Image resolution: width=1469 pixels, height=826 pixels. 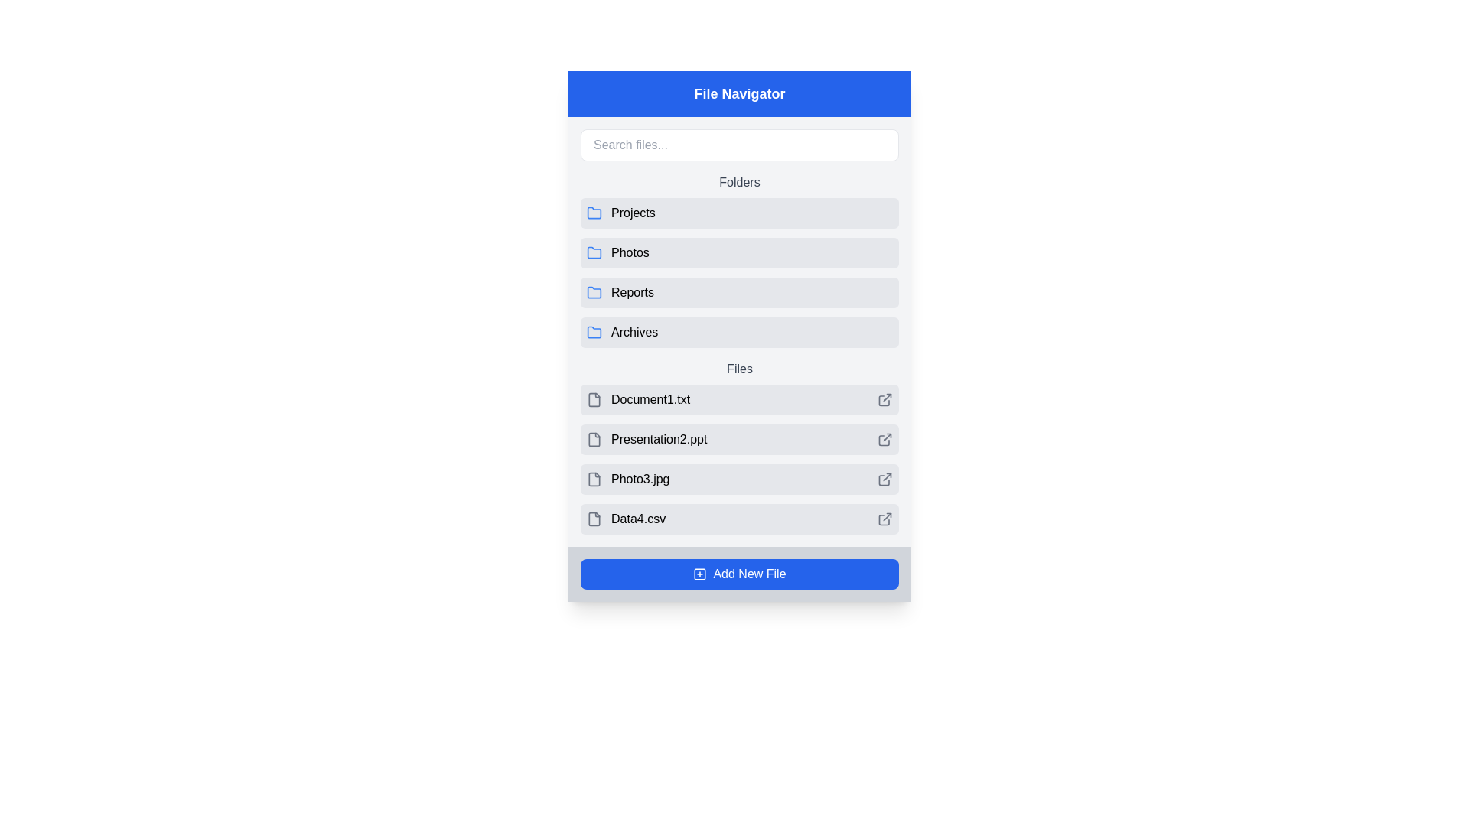 I want to click on the file icon depicting 'Data4.csv', which has a gray outline and a folded corner, located to the left of the label in the file list section under 'Files', so click(x=594, y=518).